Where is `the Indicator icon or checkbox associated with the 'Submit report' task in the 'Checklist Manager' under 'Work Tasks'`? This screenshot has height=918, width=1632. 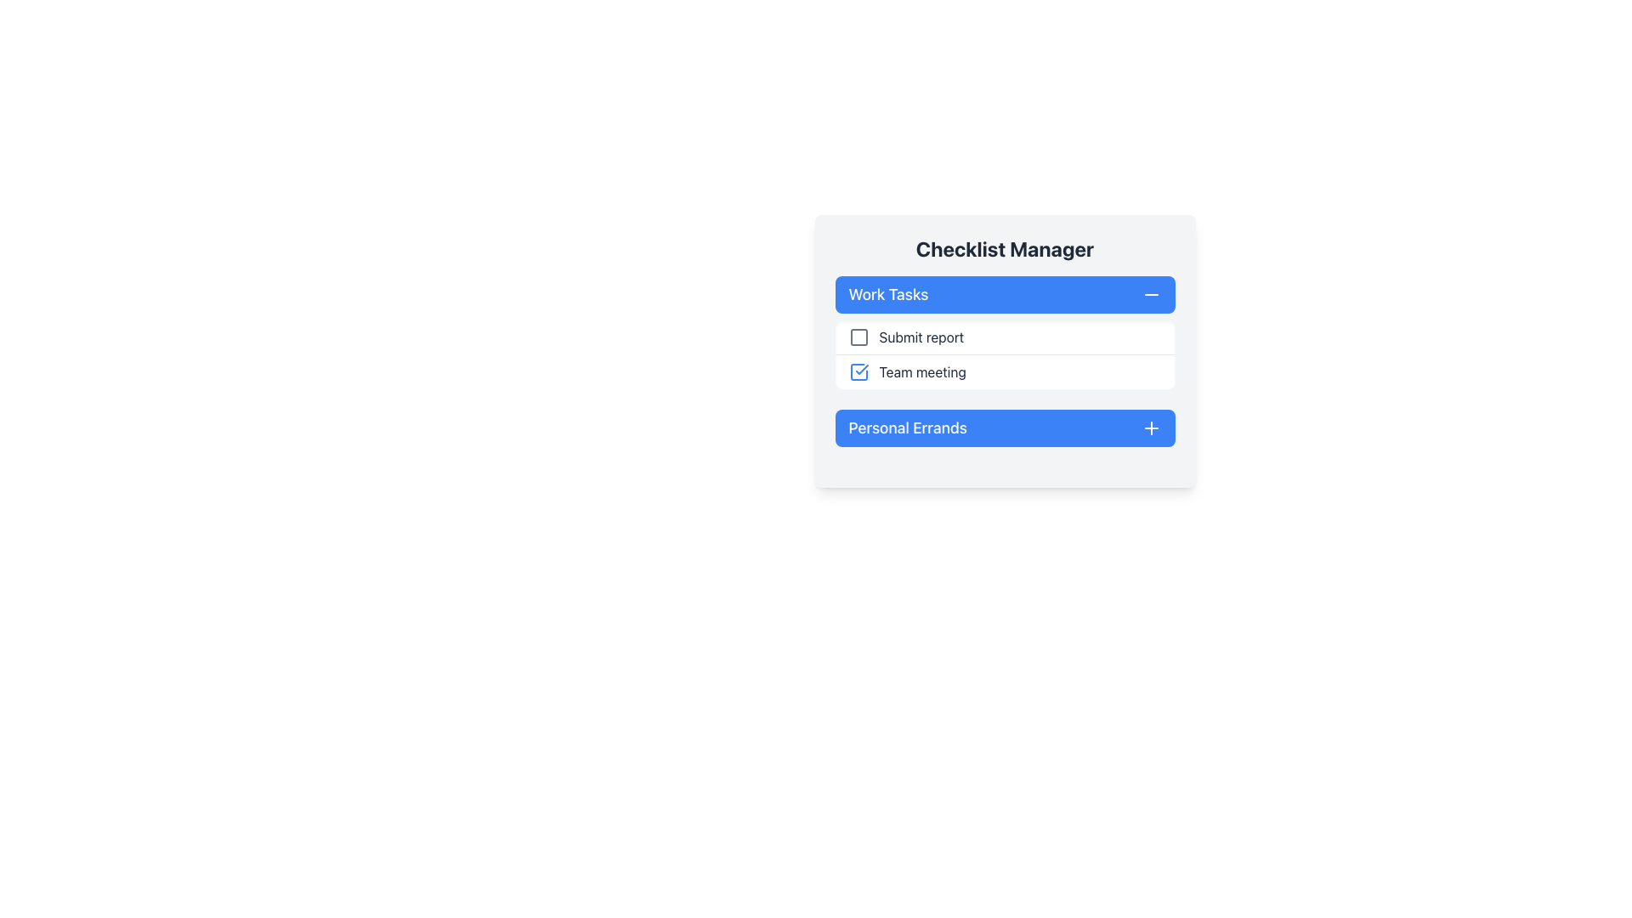 the Indicator icon or checkbox associated with the 'Submit report' task in the 'Checklist Manager' under 'Work Tasks' is located at coordinates (858, 337).